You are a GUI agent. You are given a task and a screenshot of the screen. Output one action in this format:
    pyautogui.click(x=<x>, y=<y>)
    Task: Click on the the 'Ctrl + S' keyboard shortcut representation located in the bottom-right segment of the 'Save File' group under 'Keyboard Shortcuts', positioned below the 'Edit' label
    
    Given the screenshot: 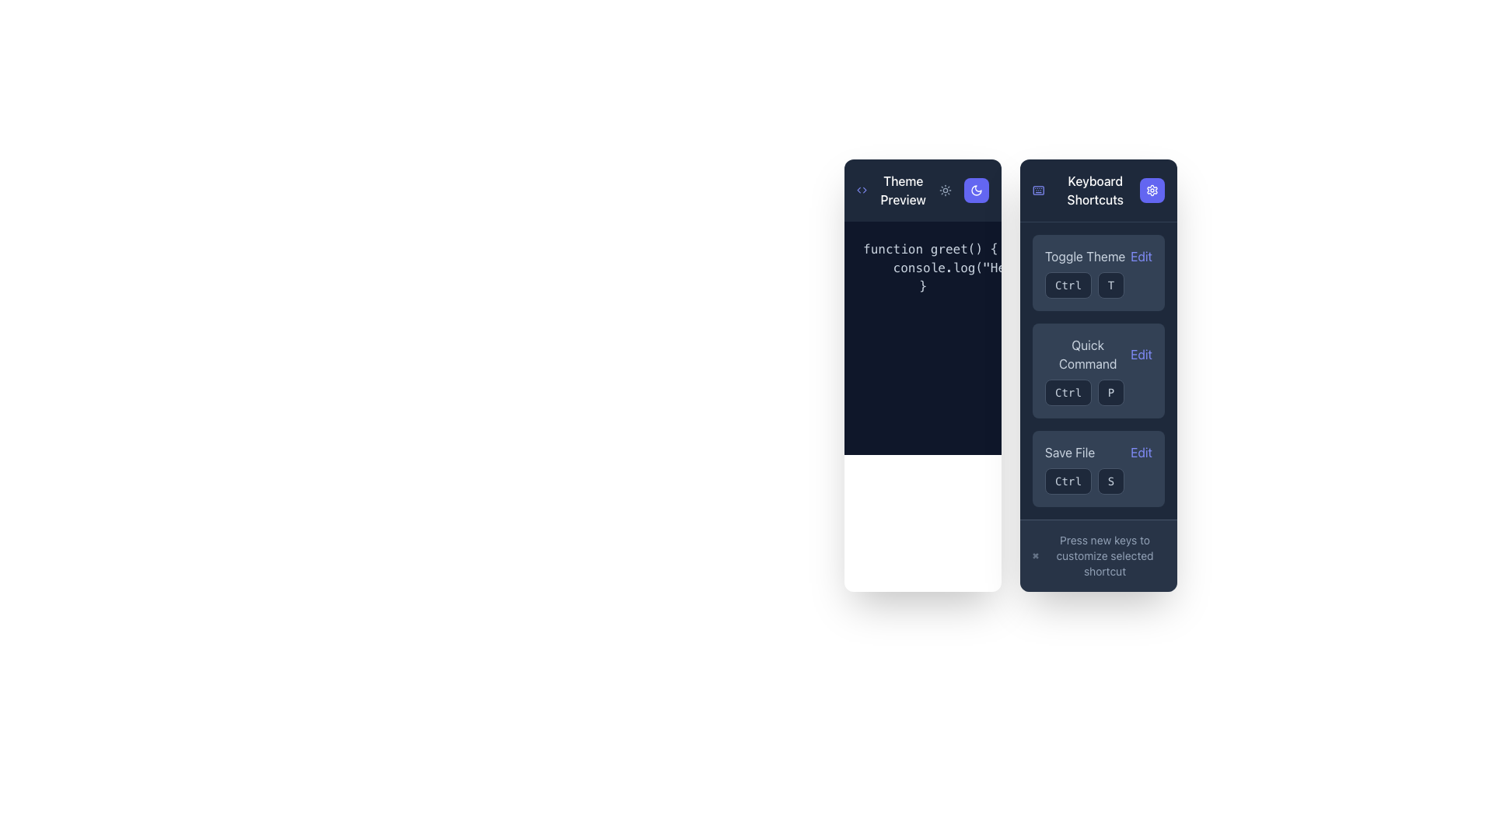 What is the action you would take?
    pyautogui.click(x=1097, y=480)
    